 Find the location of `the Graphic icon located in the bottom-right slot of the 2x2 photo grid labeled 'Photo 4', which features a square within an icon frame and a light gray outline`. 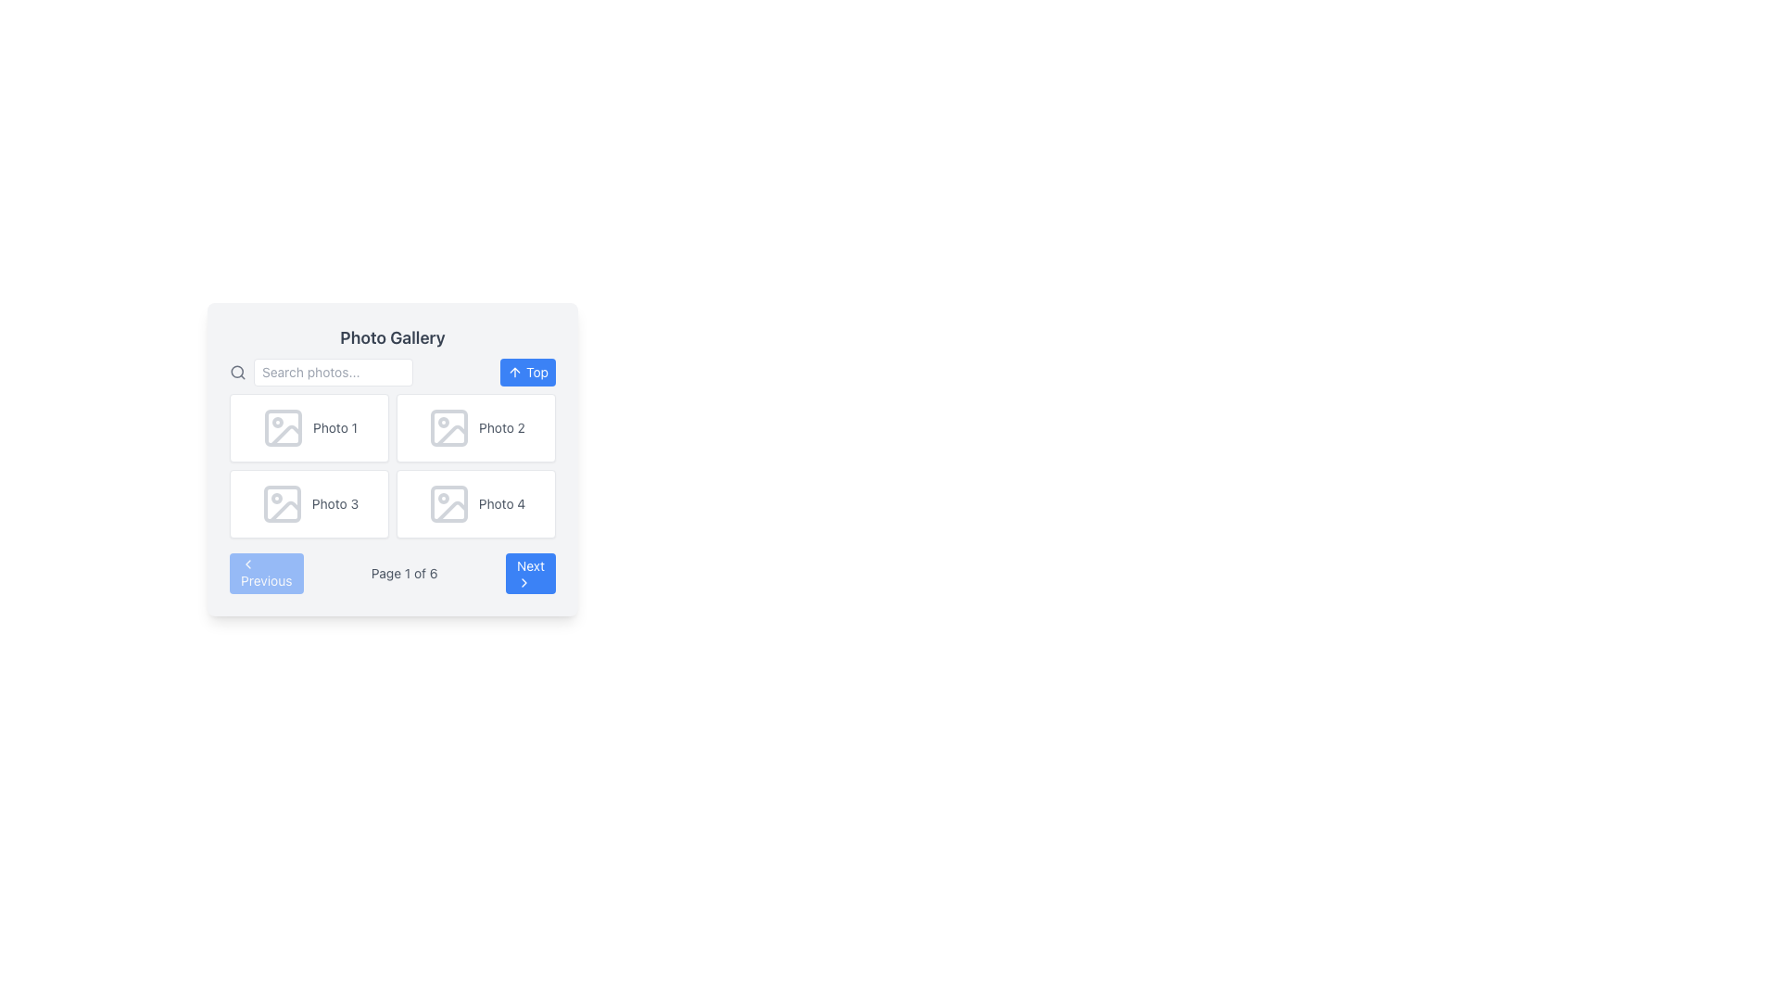

the Graphic icon located in the bottom-right slot of the 2x2 photo grid labeled 'Photo 4', which features a square within an icon frame and a light gray outline is located at coordinates (448, 503).